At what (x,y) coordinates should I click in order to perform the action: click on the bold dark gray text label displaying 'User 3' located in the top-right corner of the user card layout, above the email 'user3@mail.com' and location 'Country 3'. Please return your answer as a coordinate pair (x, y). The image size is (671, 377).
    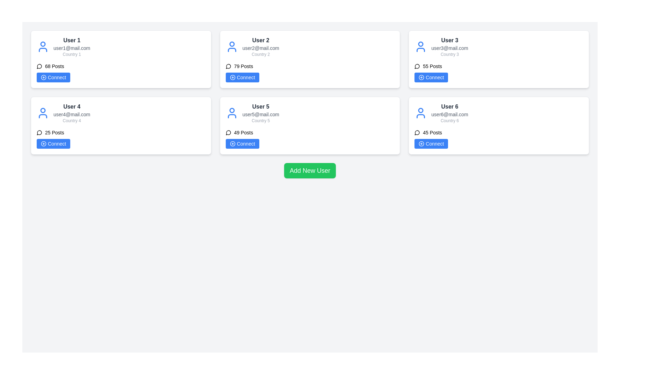
    Looking at the image, I should click on (449, 40).